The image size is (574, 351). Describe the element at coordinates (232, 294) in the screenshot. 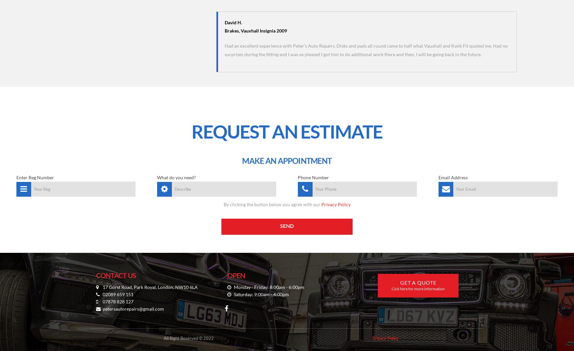

I see `'Saturday: 9:00am - 4:00pm'` at that location.